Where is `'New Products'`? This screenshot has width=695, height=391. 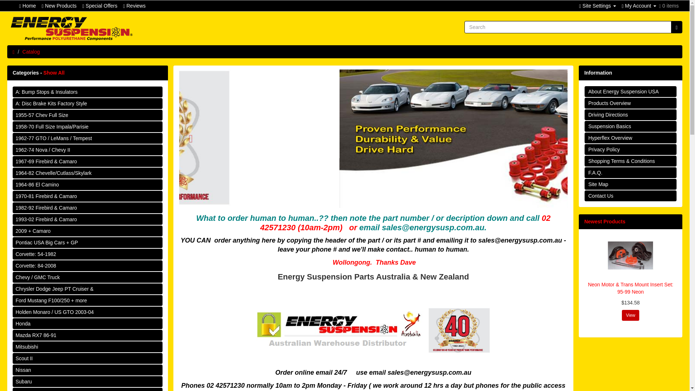
'New Products' is located at coordinates (59, 5).